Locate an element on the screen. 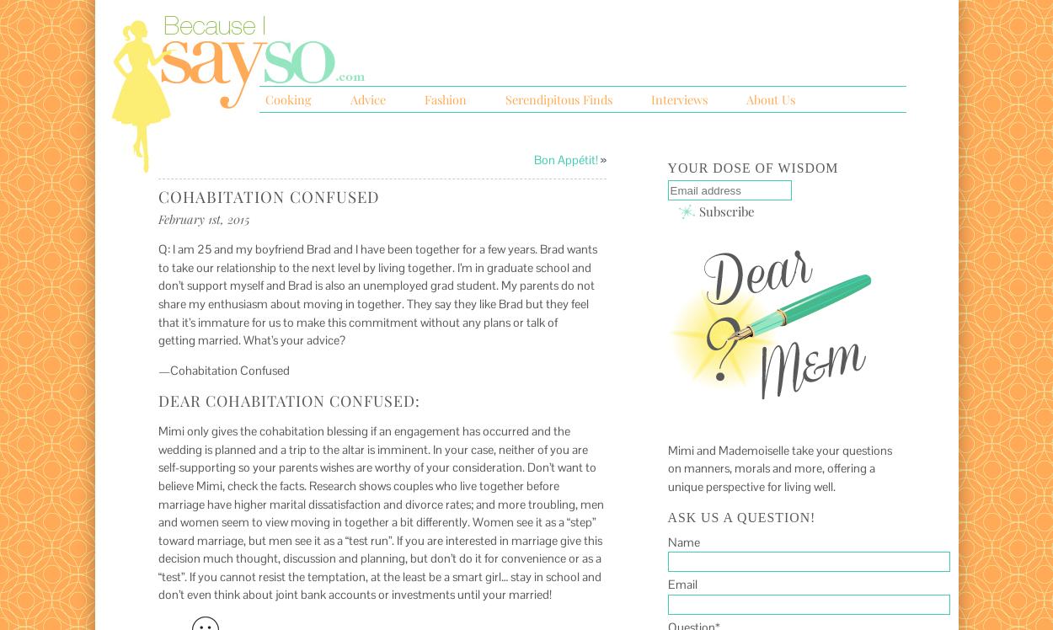 The width and height of the screenshot is (1053, 630). 'Serendipitous Finds' is located at coordinates (558, 99).